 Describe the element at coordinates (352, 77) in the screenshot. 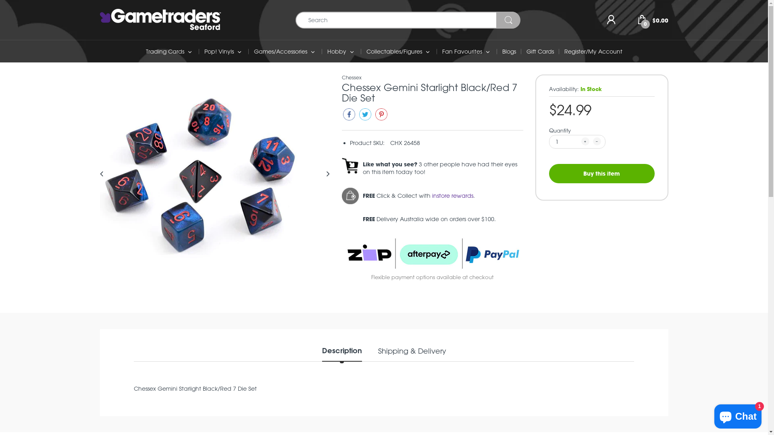

I see `'Chessex'` at that location.